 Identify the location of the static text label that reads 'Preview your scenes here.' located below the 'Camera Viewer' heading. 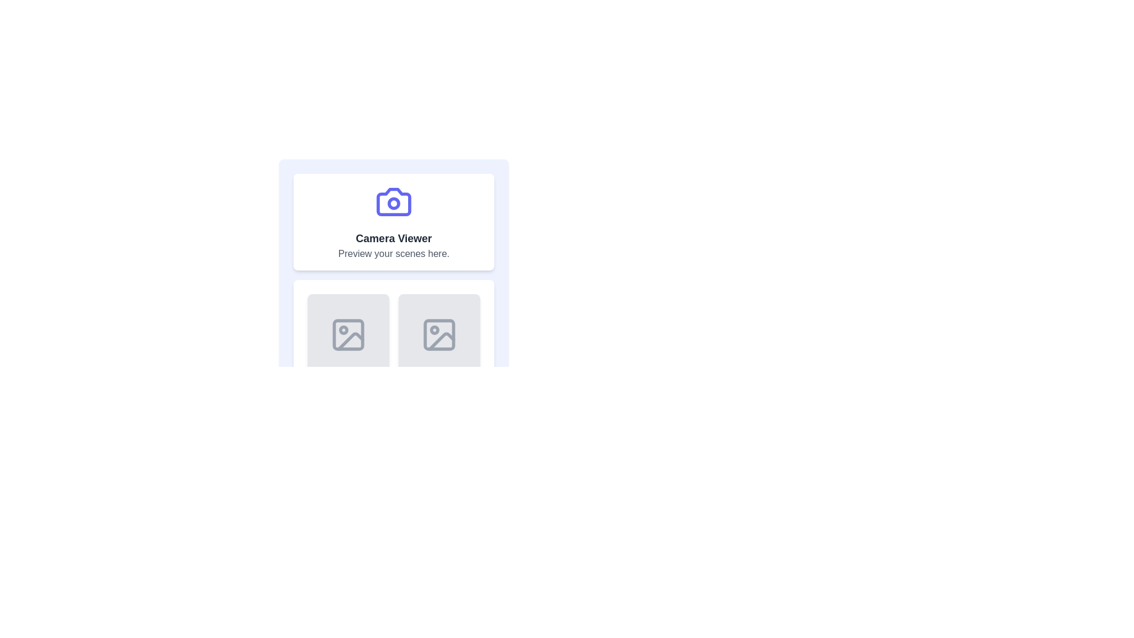
(394, 253).